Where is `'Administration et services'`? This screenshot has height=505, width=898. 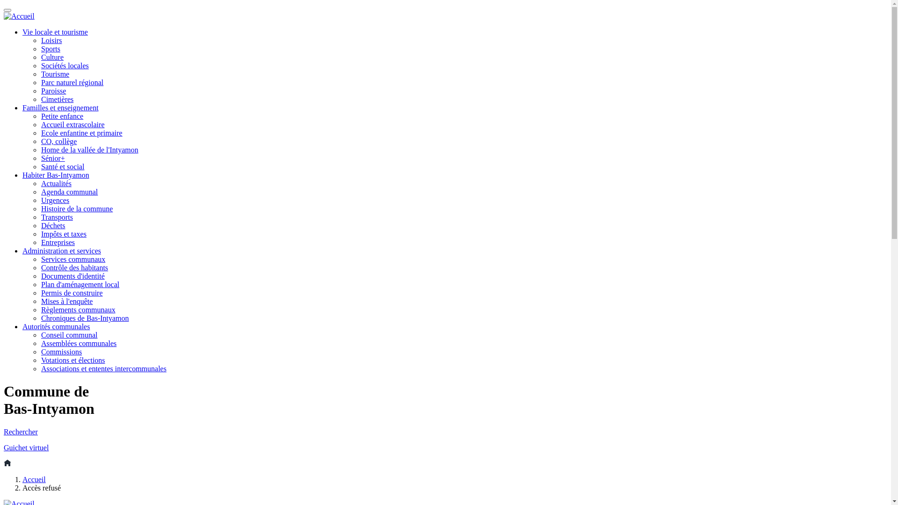 'Administration et services' is located at coordinates (22, 250).